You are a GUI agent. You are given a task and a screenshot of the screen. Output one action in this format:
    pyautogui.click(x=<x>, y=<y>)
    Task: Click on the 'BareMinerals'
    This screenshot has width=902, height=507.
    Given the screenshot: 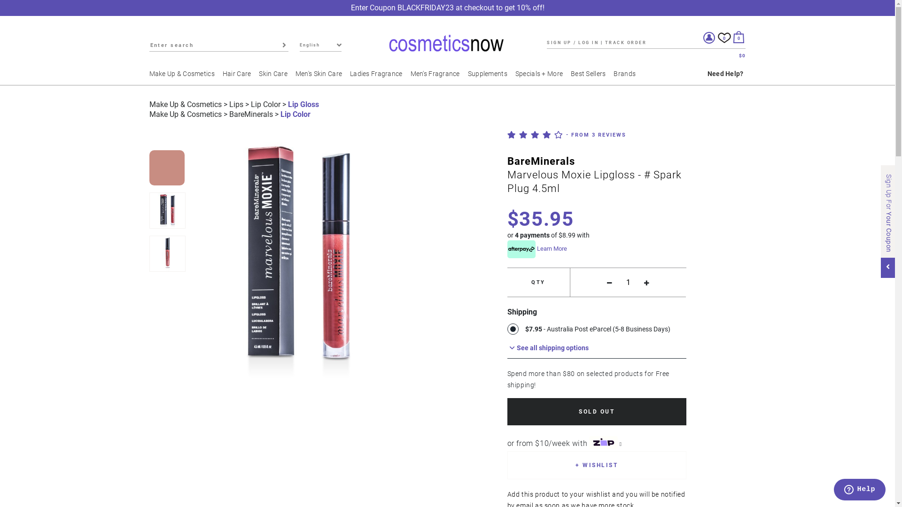 What is the action you would take?
    pyautogui.click(x=251, y=114)
    